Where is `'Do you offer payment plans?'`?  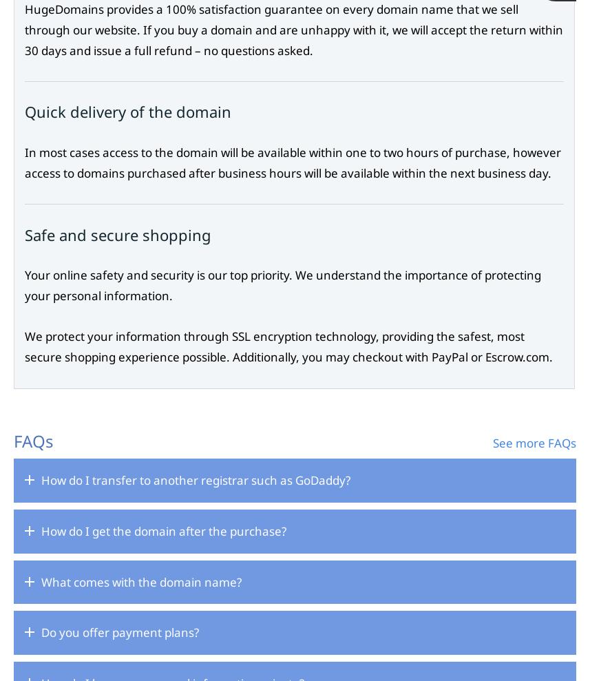
'Do you offer payment plans?' is located at coordinates (120, 631).